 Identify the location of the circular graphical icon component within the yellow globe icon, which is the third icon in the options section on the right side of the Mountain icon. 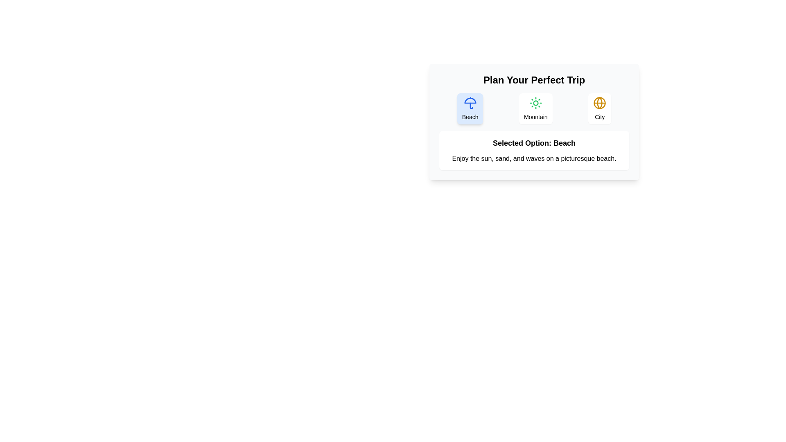
(600, 102).